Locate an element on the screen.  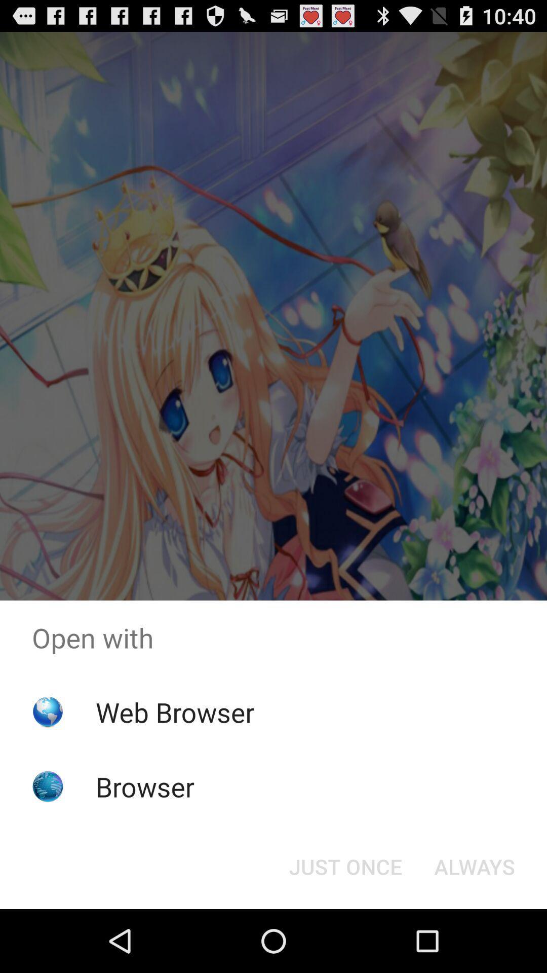
the always is located at coordinates (475, 866).